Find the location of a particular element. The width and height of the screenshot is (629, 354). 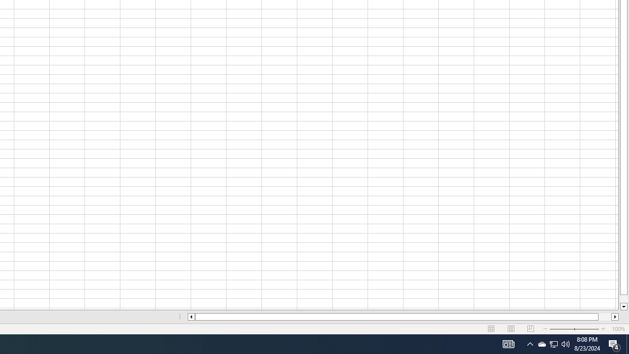

'Column left' is located at coordinates (191, 317).